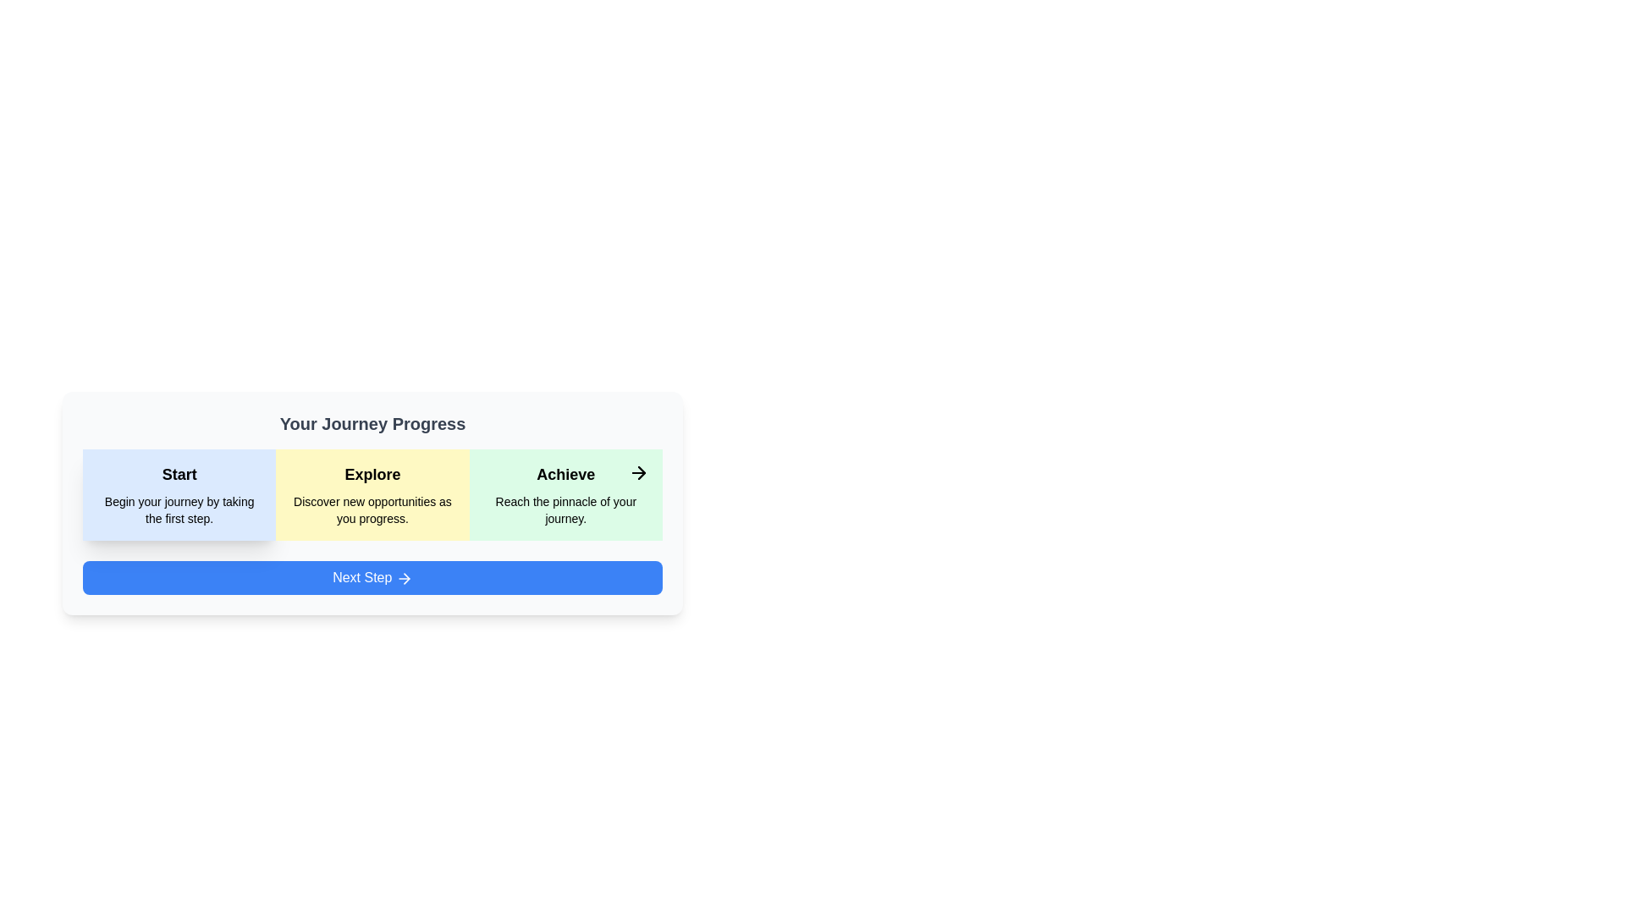 This screenshot has width=1625, height=914. Describe the element at coordinates (565, 509) in the screenshot. I see `the text label that conveys the motivational message 'Reach the pinnacle of your journey,' located in the third section titled 'Achieve' with a light green background` at that location.